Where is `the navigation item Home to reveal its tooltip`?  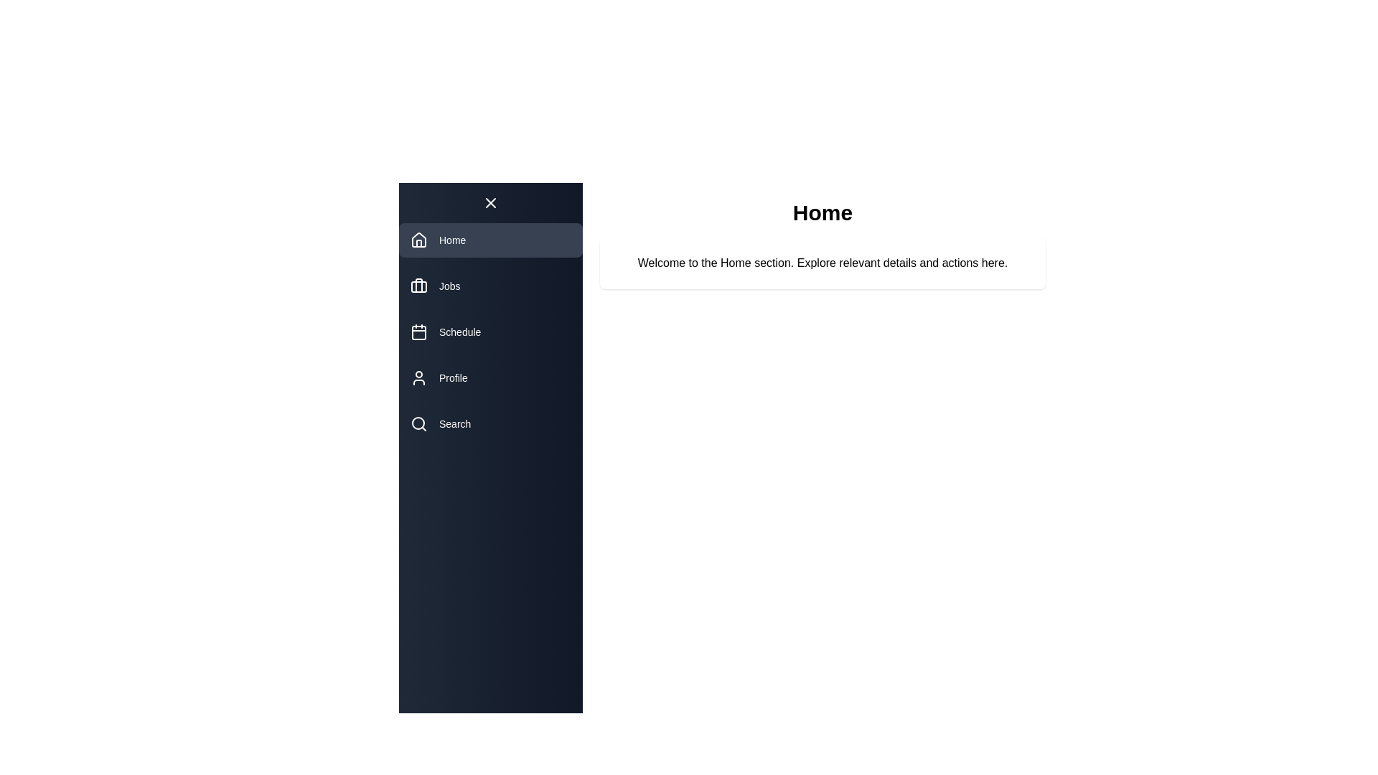
the navigation item Home to reveal its tooltip is located at coordinates (491, 240).